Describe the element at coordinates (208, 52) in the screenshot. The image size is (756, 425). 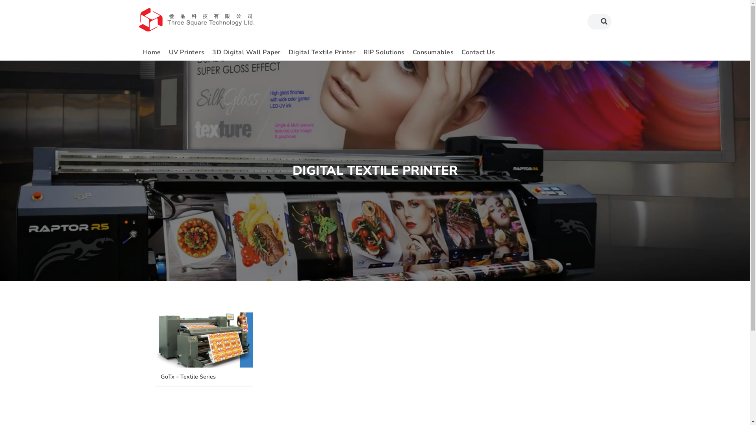
I see `'3D Digital Wall Paper'` at that location.